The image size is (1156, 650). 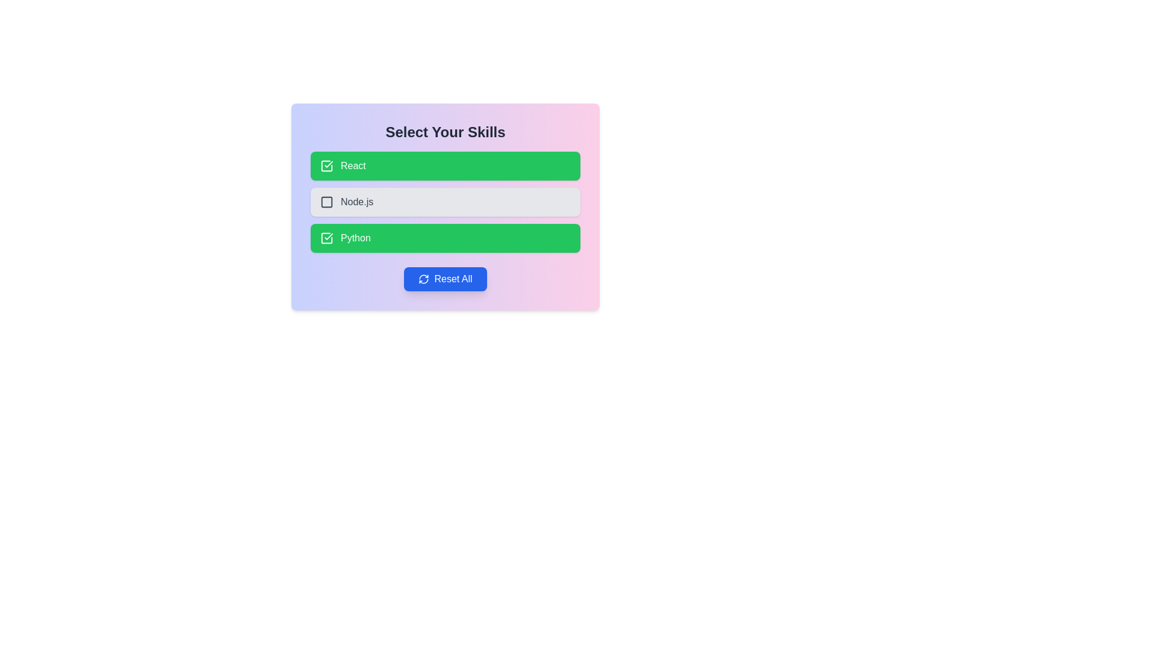 What do you see at coordinates (444, 279) in the screenshot?
I see `the 'Reset All' button to reset all selections` at bounding box center [444, 279].